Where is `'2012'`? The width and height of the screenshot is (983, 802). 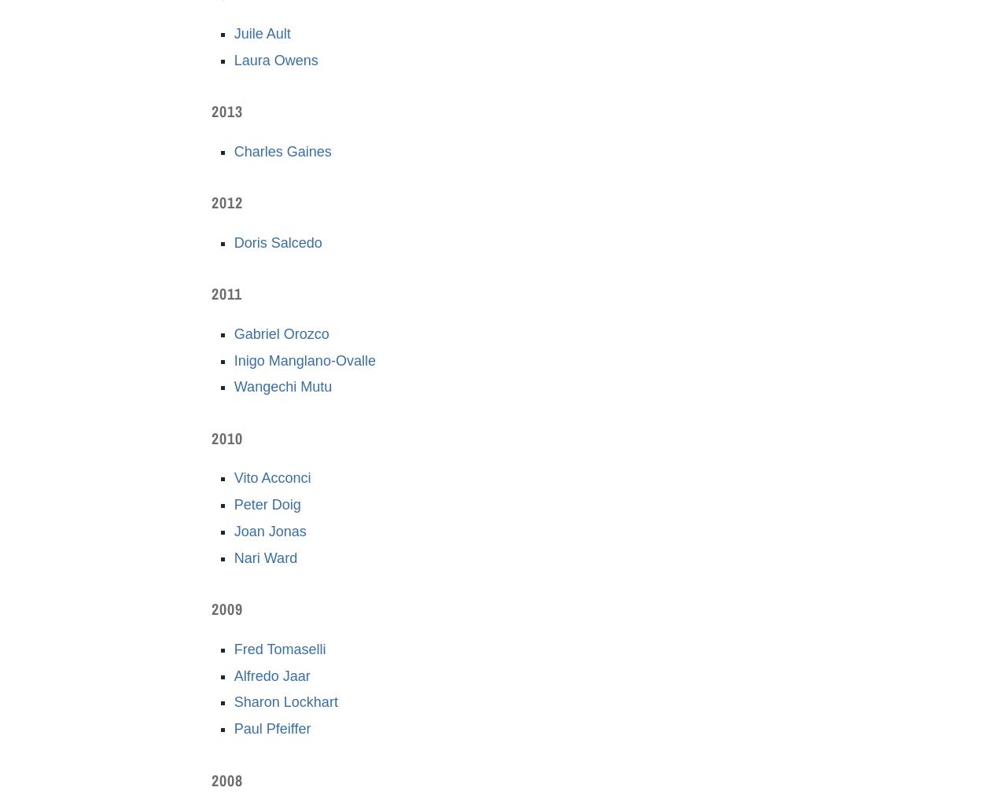 '2012' is located at coordinates (227, 201).